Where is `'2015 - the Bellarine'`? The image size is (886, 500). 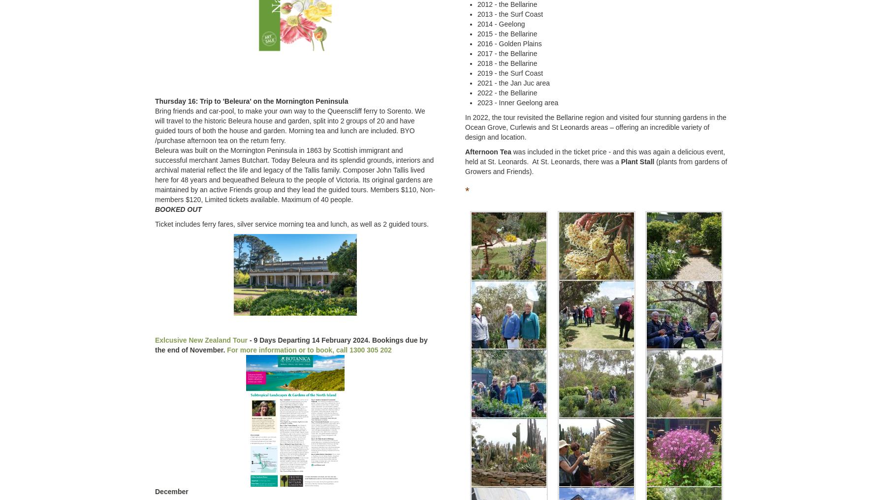 '2015 - the Bellarine' is located at coordinates (507, 33).